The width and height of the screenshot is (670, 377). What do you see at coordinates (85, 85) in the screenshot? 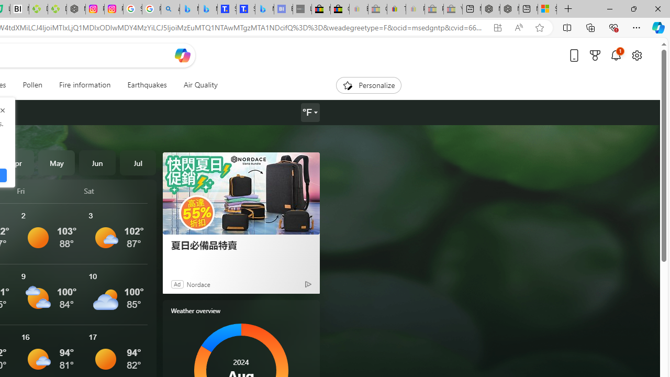
I see `'Fire information'` at bounding box center [85, 85].